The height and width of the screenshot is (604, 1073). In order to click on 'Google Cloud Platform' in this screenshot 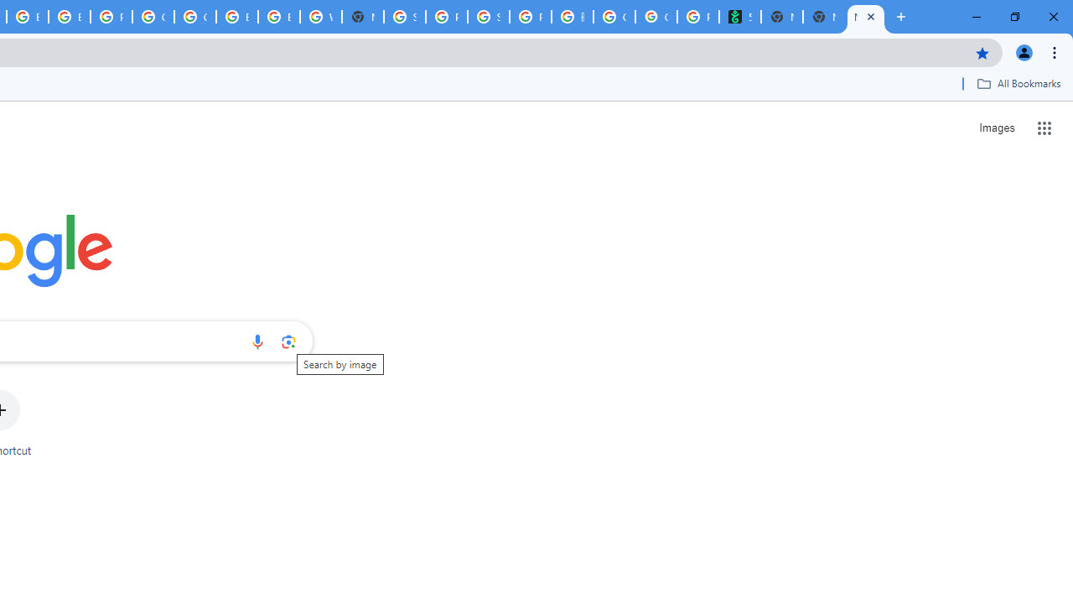, I will do `click(153, 17)`.